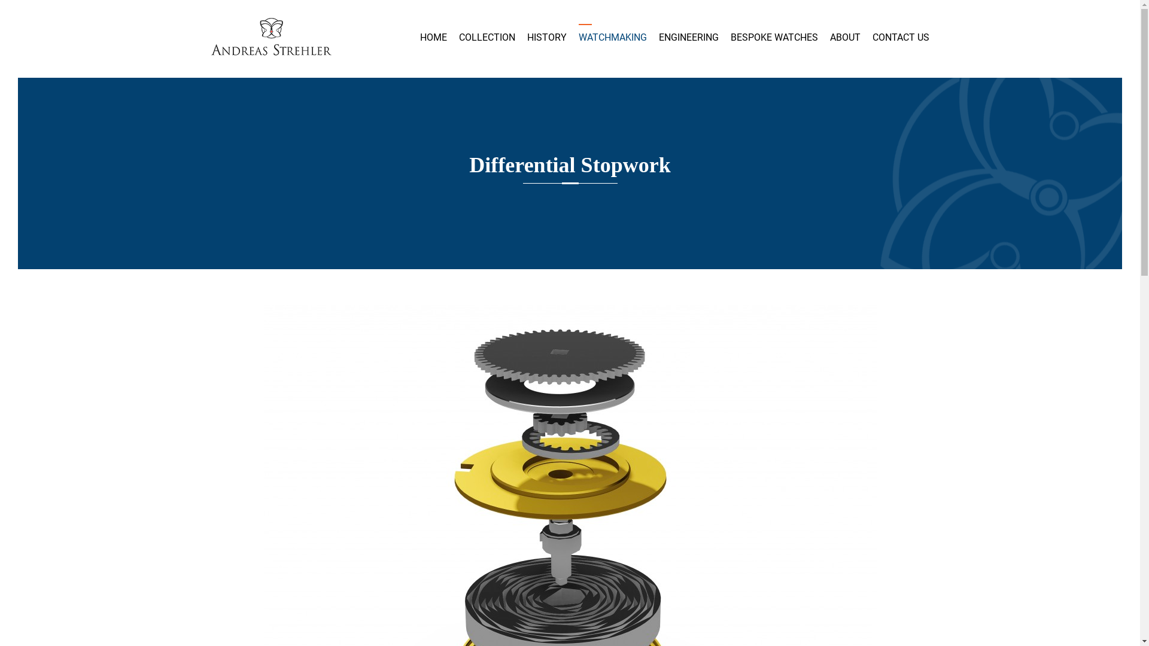 This screenshot has height=646, width=1149. What do you see at coordinates (901, 36) in the screenshot?
I see `'CONTACT US'` at bounding box center [901, 36].